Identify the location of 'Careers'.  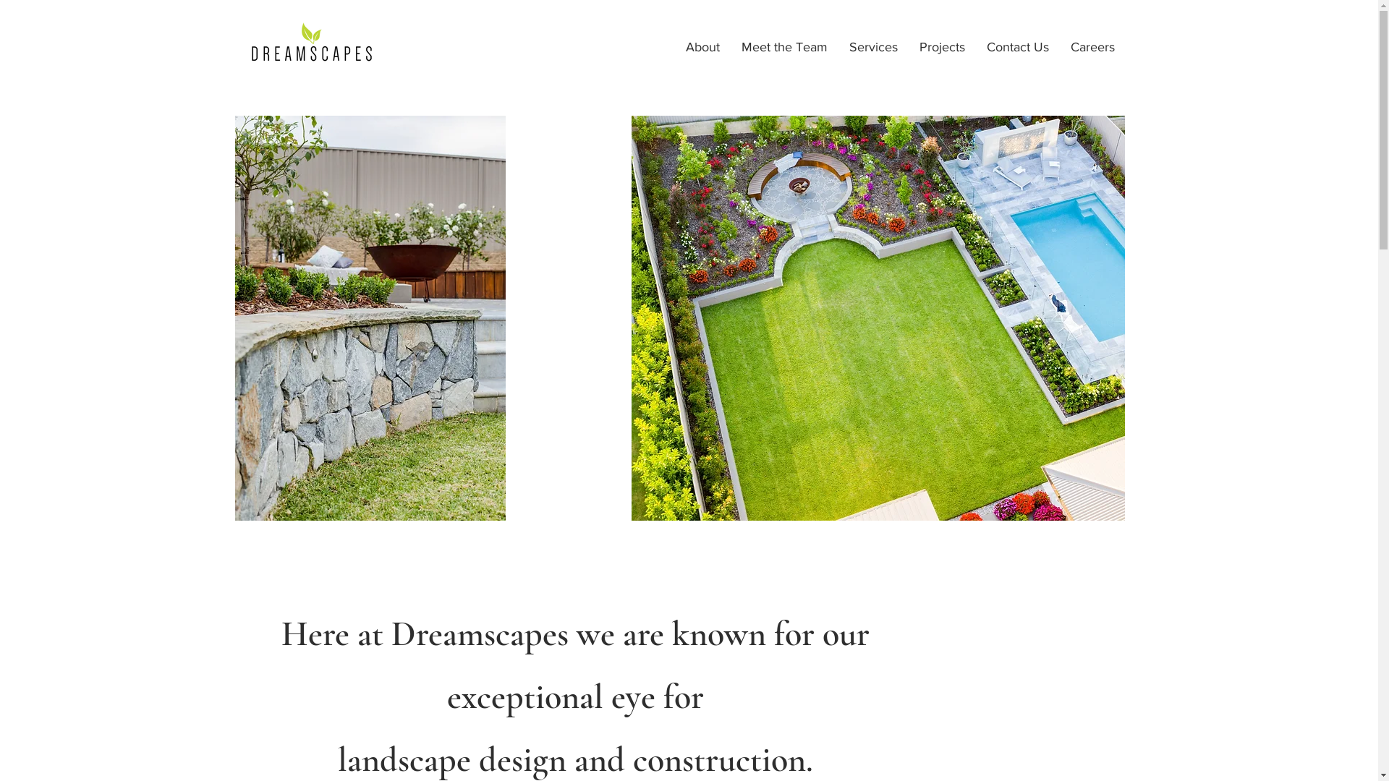
(1092, 46).